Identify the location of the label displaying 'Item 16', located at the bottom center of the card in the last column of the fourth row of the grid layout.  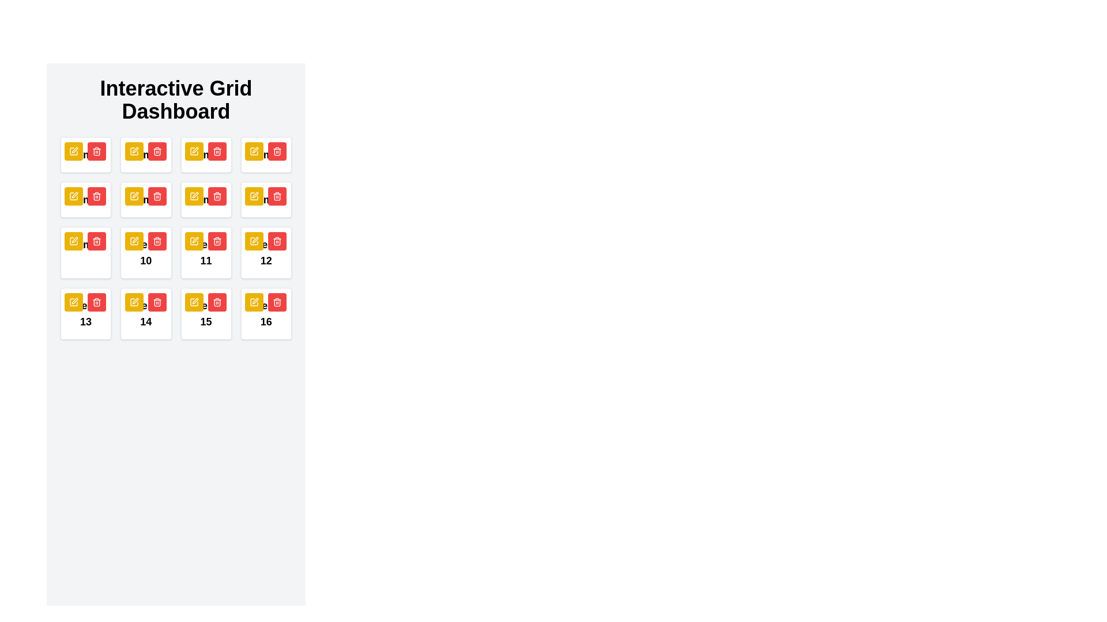
(265, 313).